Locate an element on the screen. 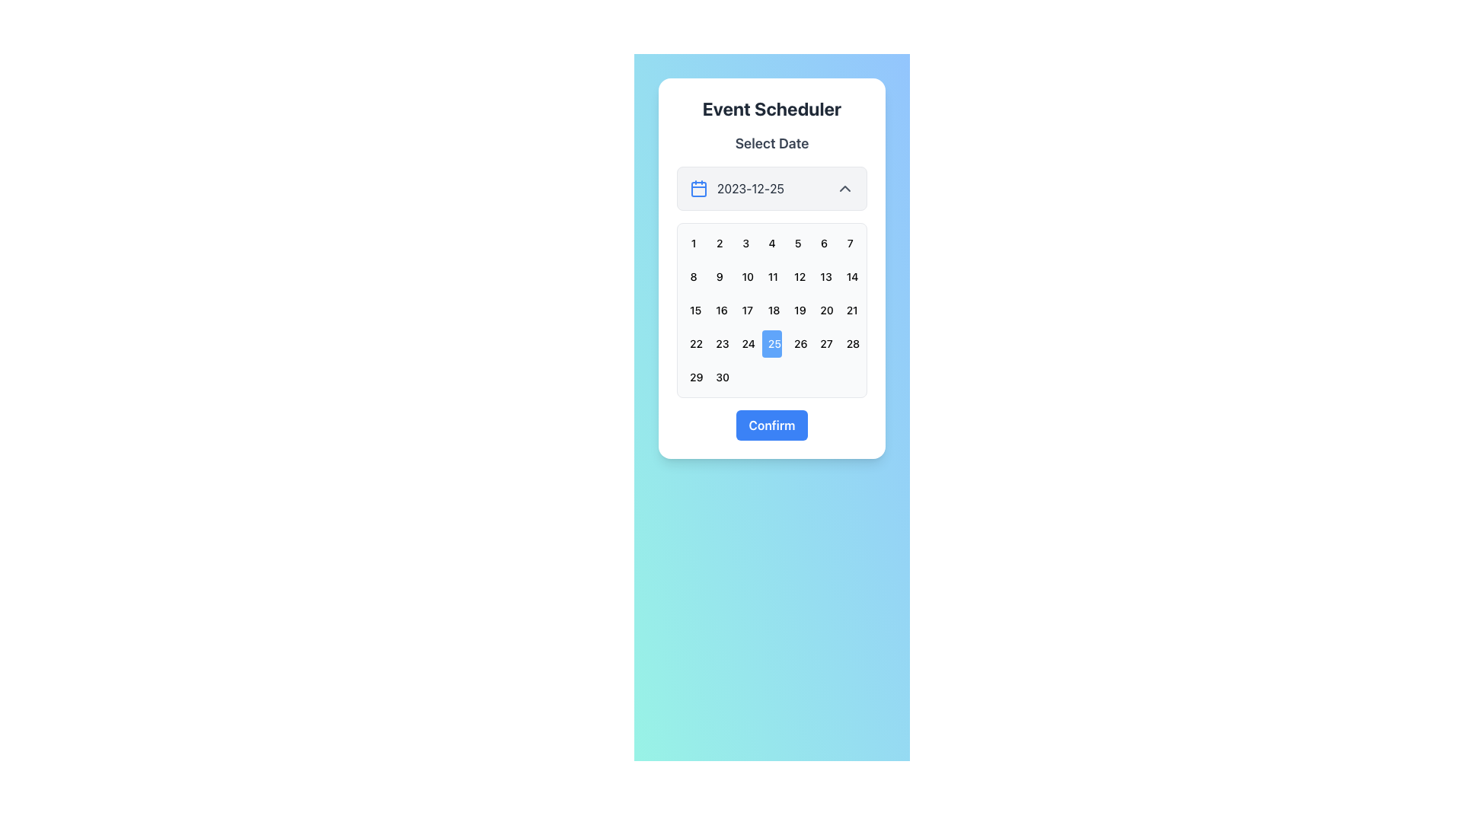 The height and width of the screenshot is (822, 1462). the button labeled '8' which is located in the second row and first column of the calendar grid is located at coordinates (693, 276).